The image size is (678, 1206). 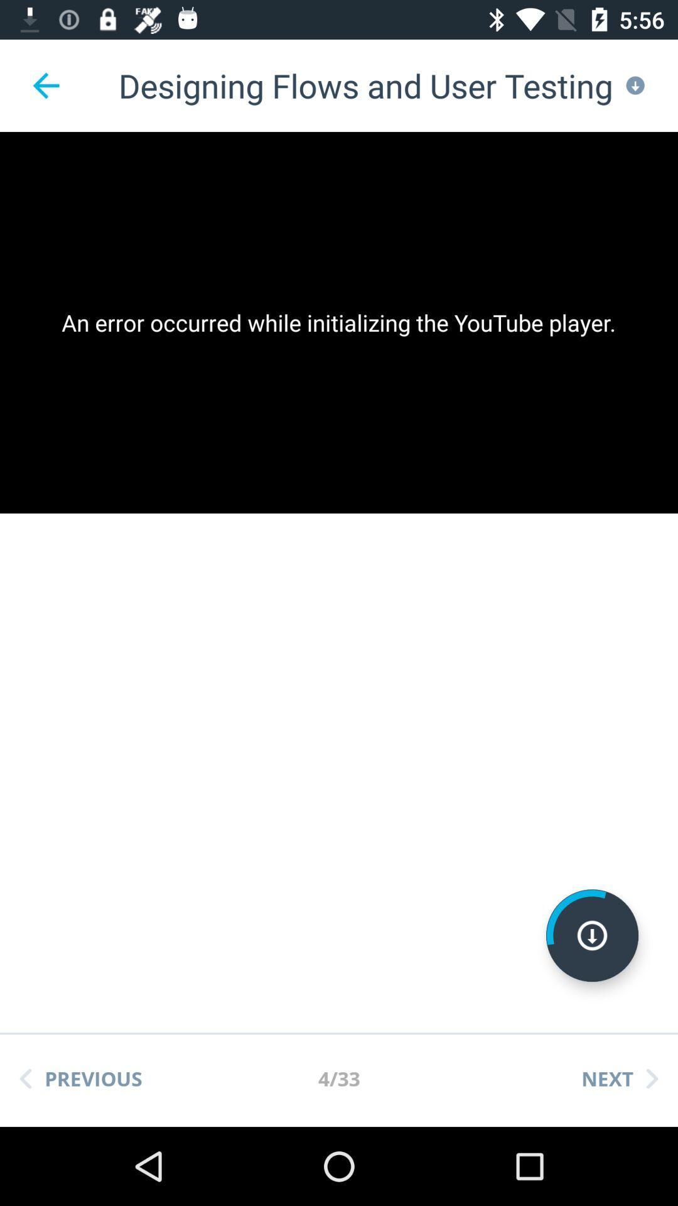 I want to click on the file_download icon, so click(x=592, y=935).